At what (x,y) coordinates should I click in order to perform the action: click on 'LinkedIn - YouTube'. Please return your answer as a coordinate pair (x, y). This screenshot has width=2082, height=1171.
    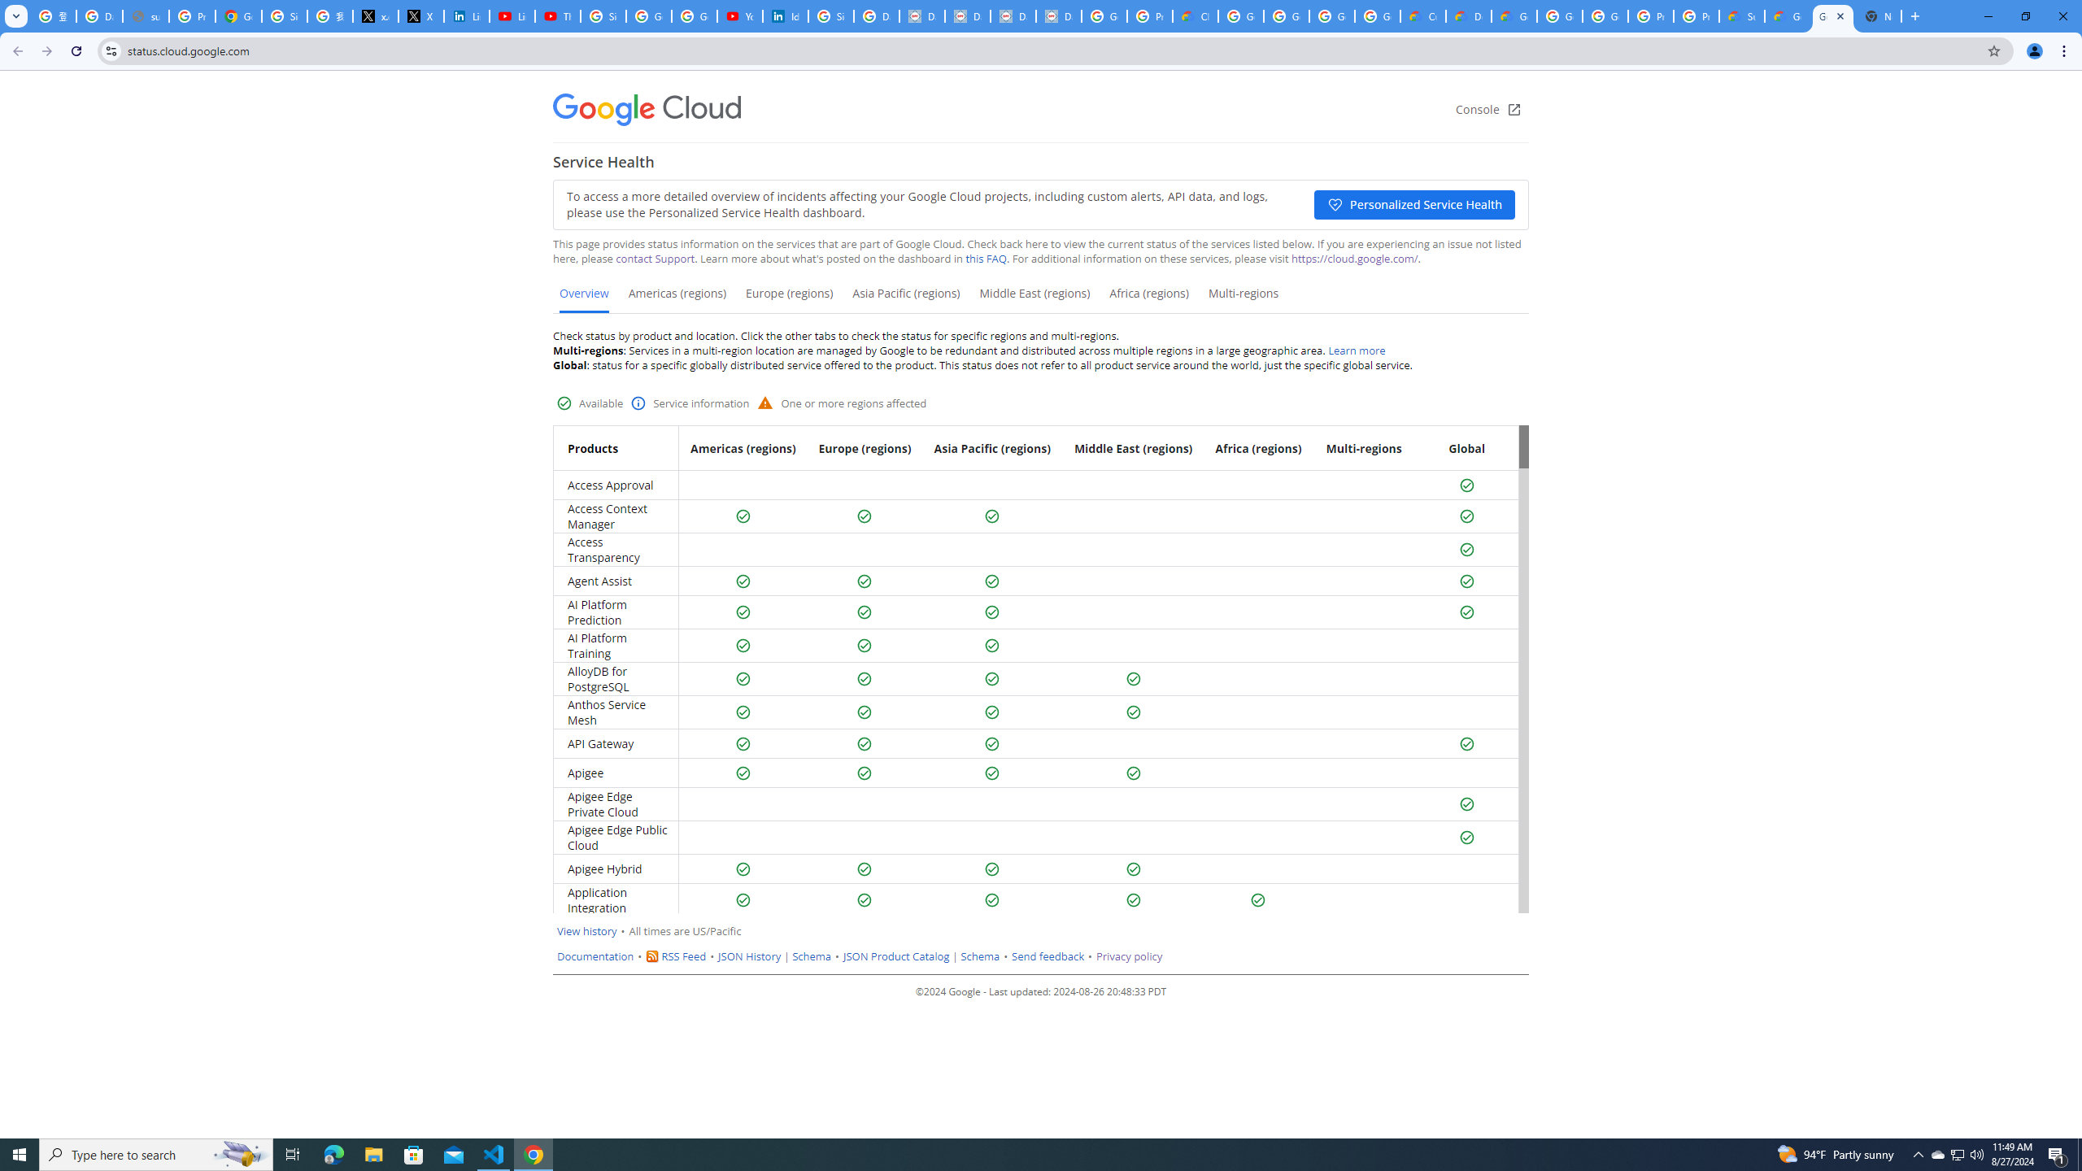
    Looking at the image, I should click on (513, 15).